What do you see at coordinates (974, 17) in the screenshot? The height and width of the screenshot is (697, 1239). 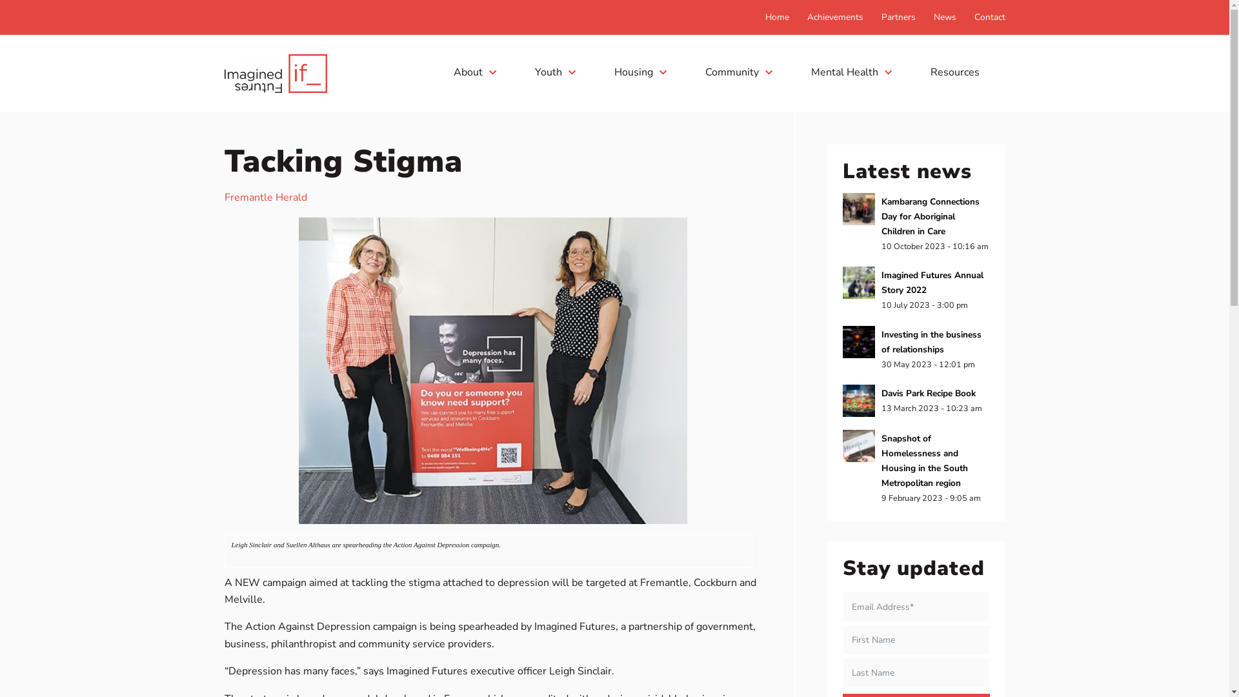 I see `'Contact'` at bounding box center [974, 17].